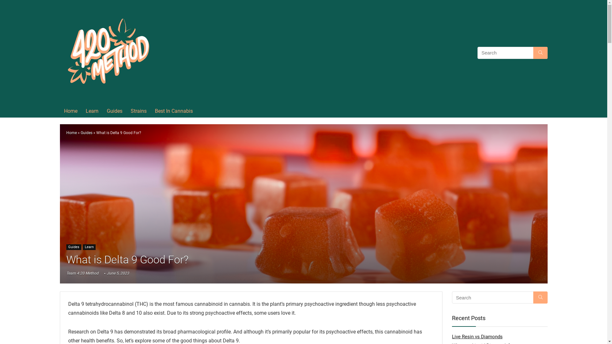 This screenshot has width=612, height=344. What do you see at coordinates (70, 111) in the screenshot?
I see `'Home'` at bounding box center [70, 111].